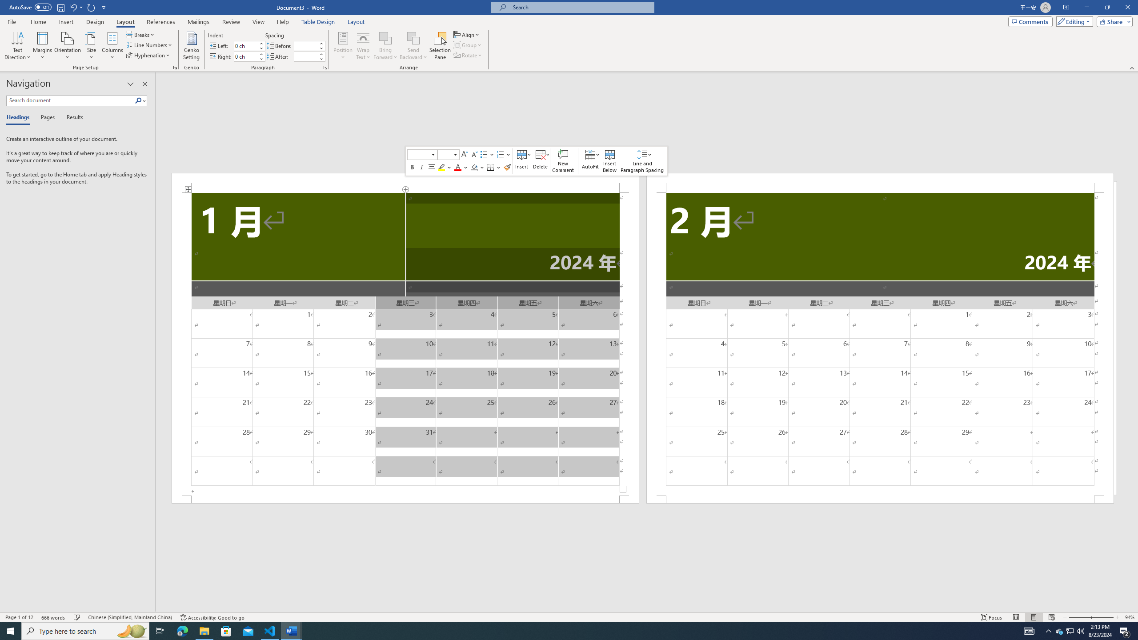 This screenshot has width=1138, height=640. What do you see at coordinates (67, 46) in the screenshot?
I see `'Orientation'` at bounding box center [67, 46].